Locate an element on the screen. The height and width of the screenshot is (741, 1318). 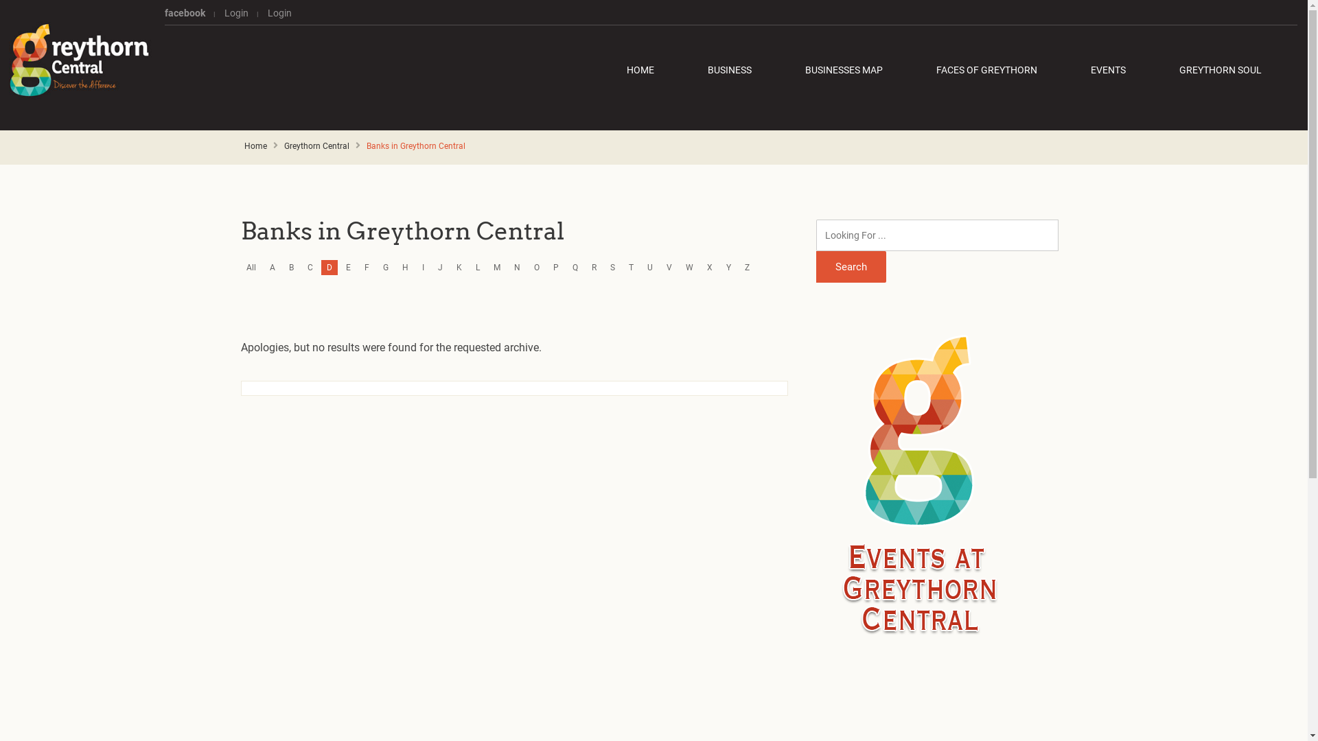
'U' is located at coordinates (649, 267).